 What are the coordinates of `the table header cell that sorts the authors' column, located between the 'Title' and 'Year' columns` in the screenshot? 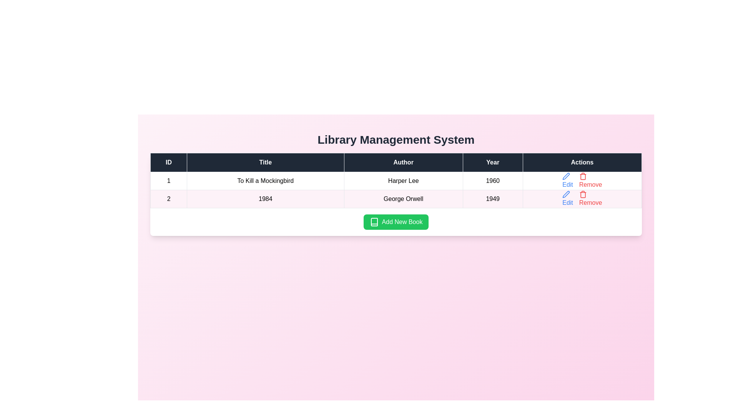 It's located at (403, 162).